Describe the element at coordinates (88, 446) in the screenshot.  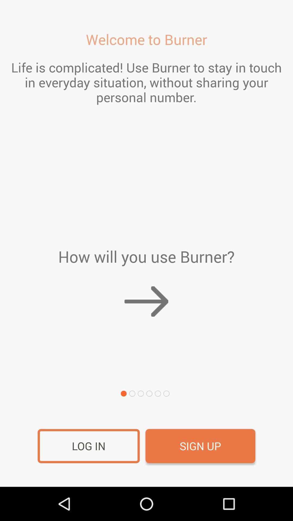
I see `the log in icon` at that location.